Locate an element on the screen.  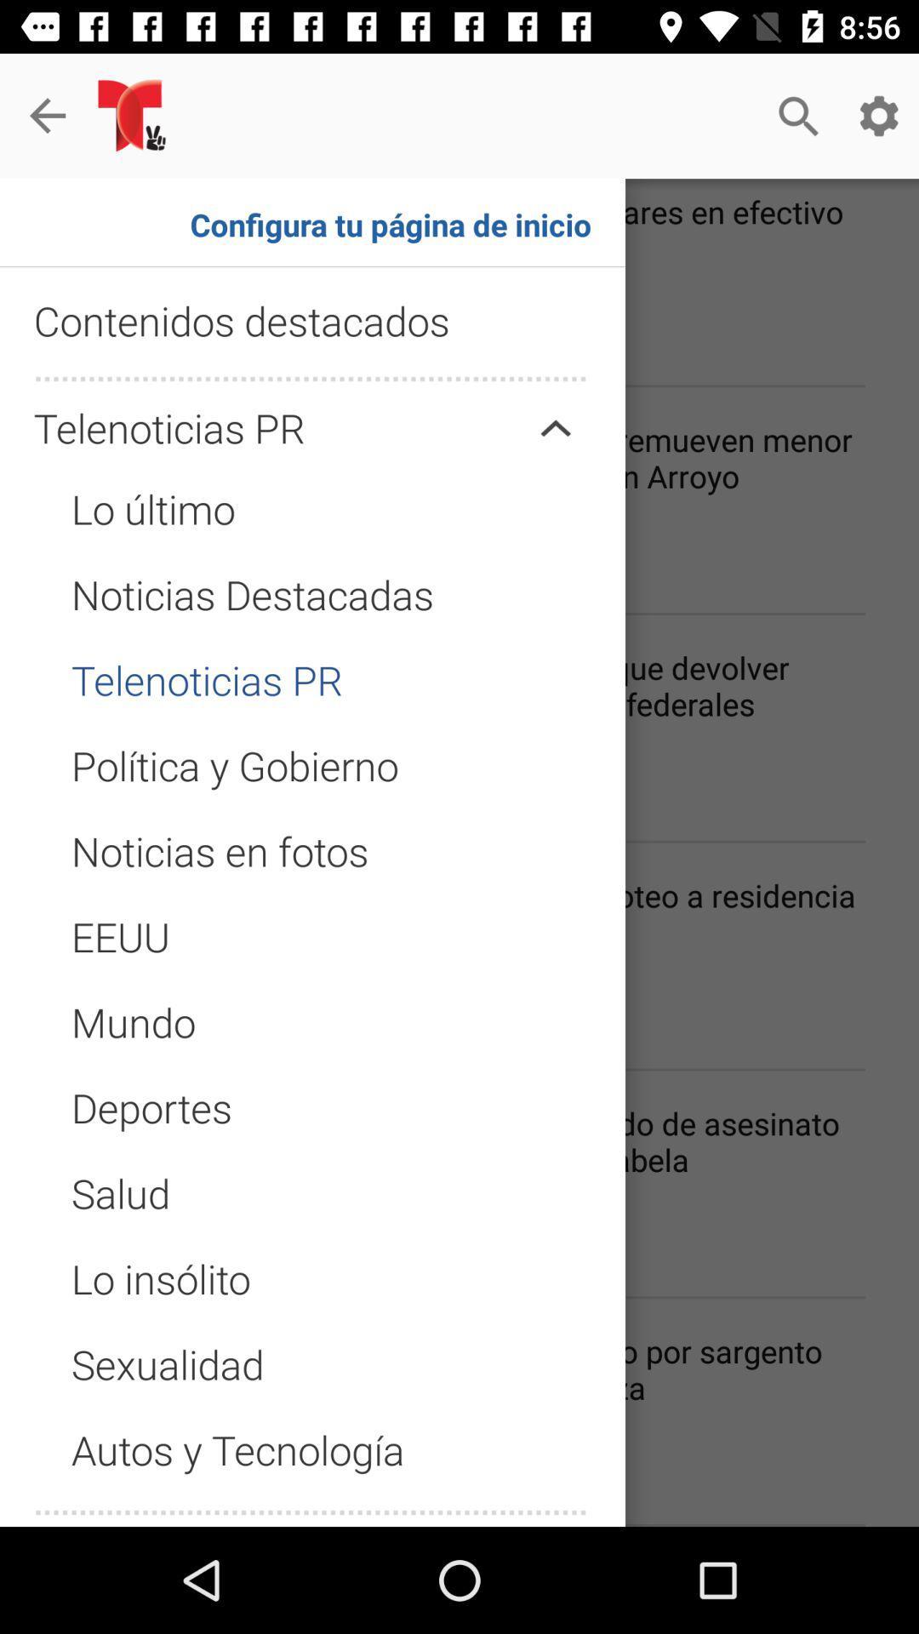
the image which is at the top left corner is located at coordinates (134, 115).